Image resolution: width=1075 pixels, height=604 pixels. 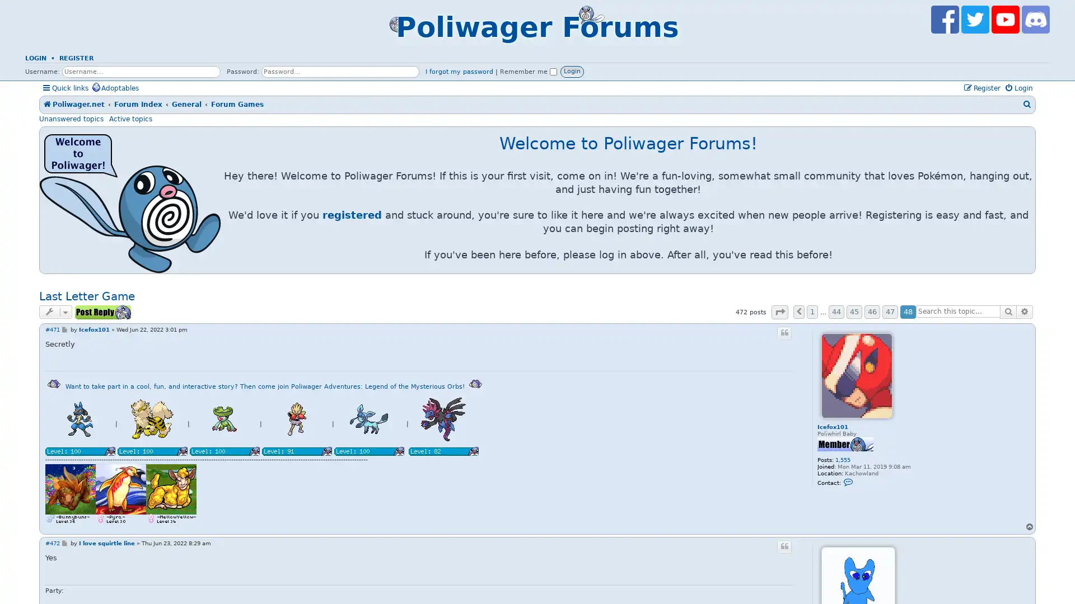 I want to click on 47, so click(x=889, y=312).